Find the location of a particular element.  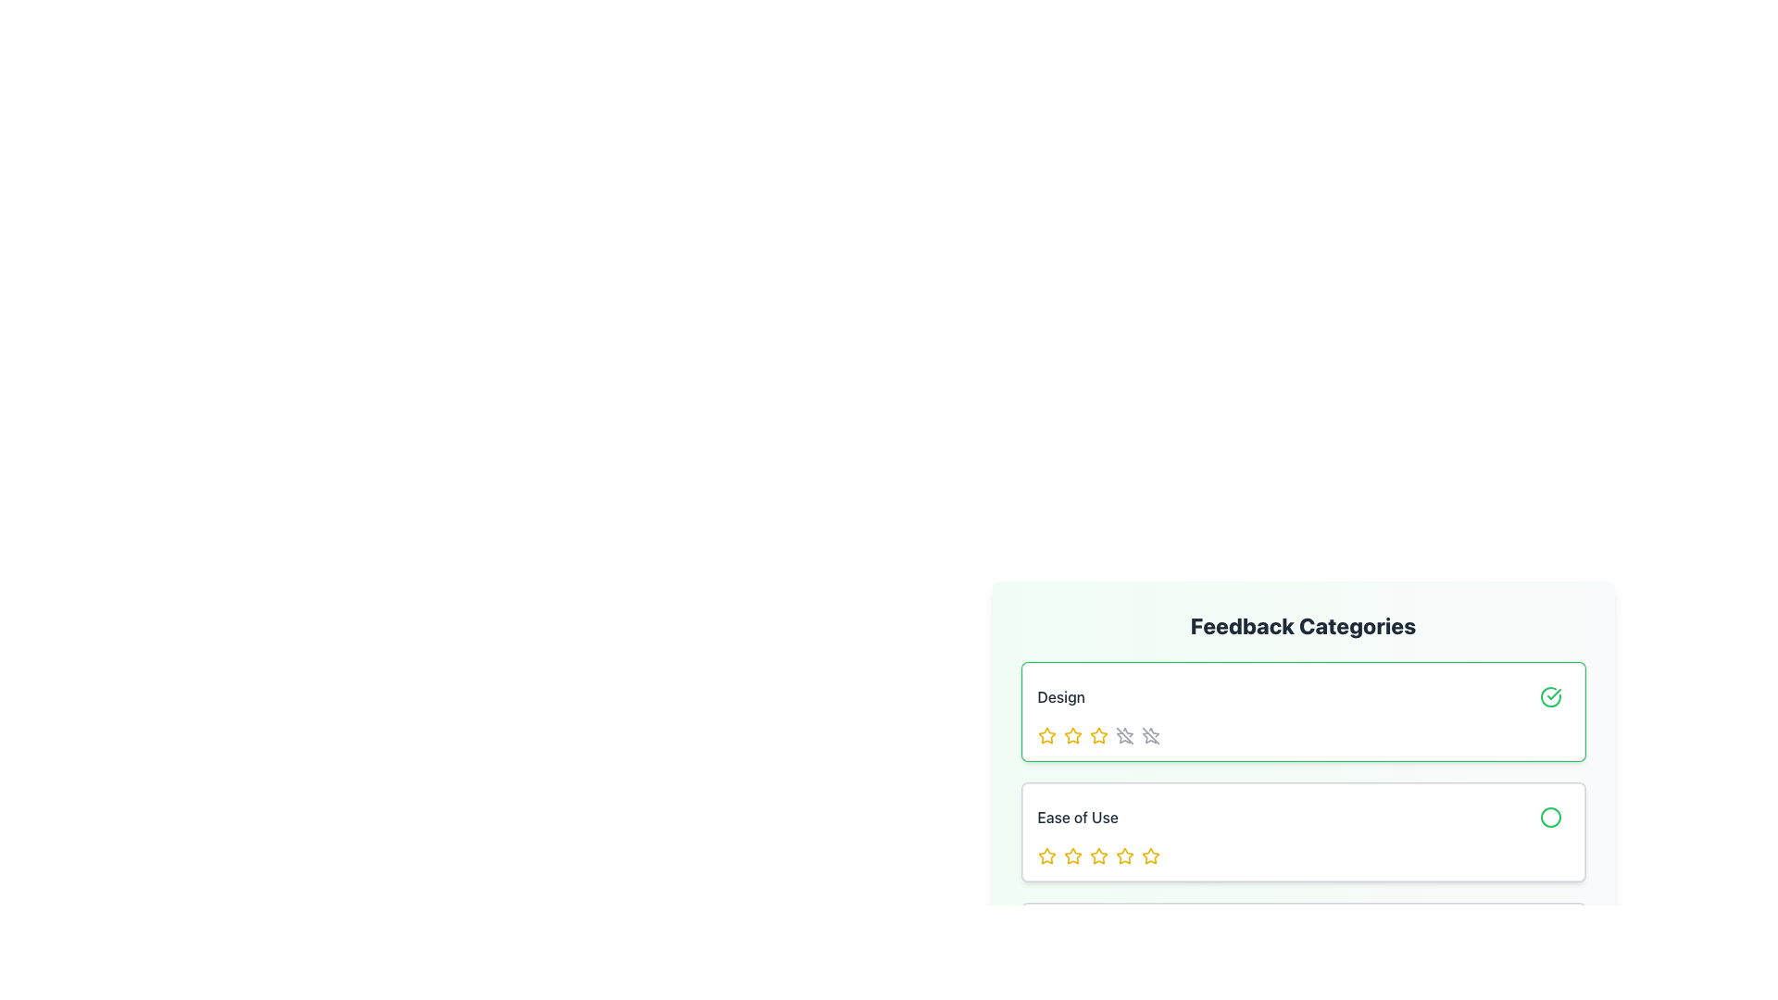

the second star in the 'Ease of Use' rating row is located at coordinates (1123, 975).